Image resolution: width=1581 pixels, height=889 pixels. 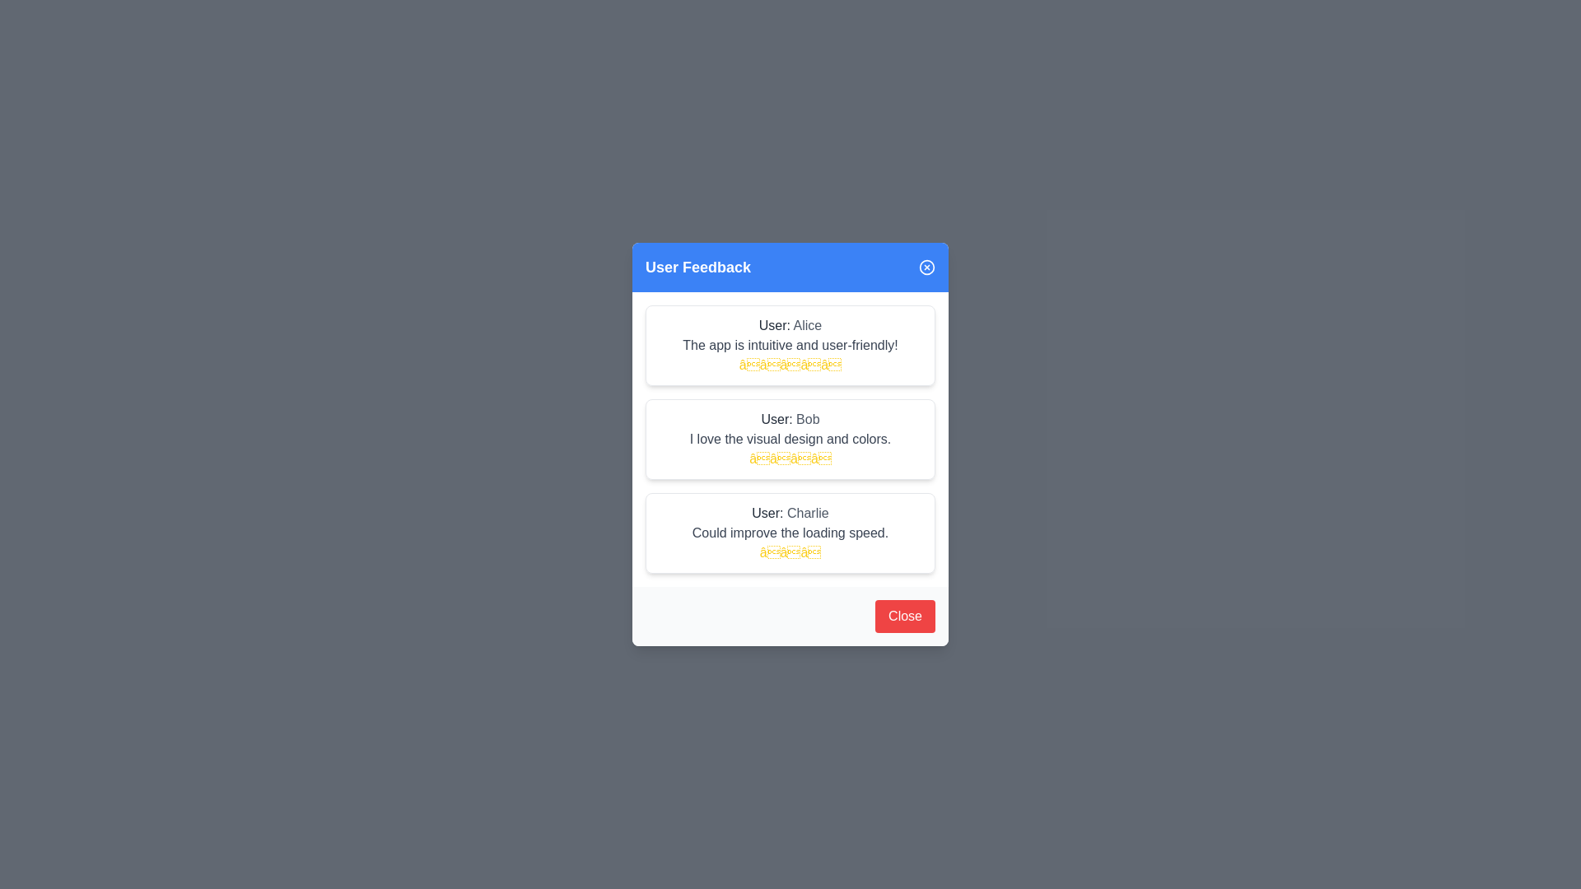 What do you see at coordinates (927, 266) in the screenshot?
I see `the close icon in the header to close the dialog` at bounding box center [927, 266].